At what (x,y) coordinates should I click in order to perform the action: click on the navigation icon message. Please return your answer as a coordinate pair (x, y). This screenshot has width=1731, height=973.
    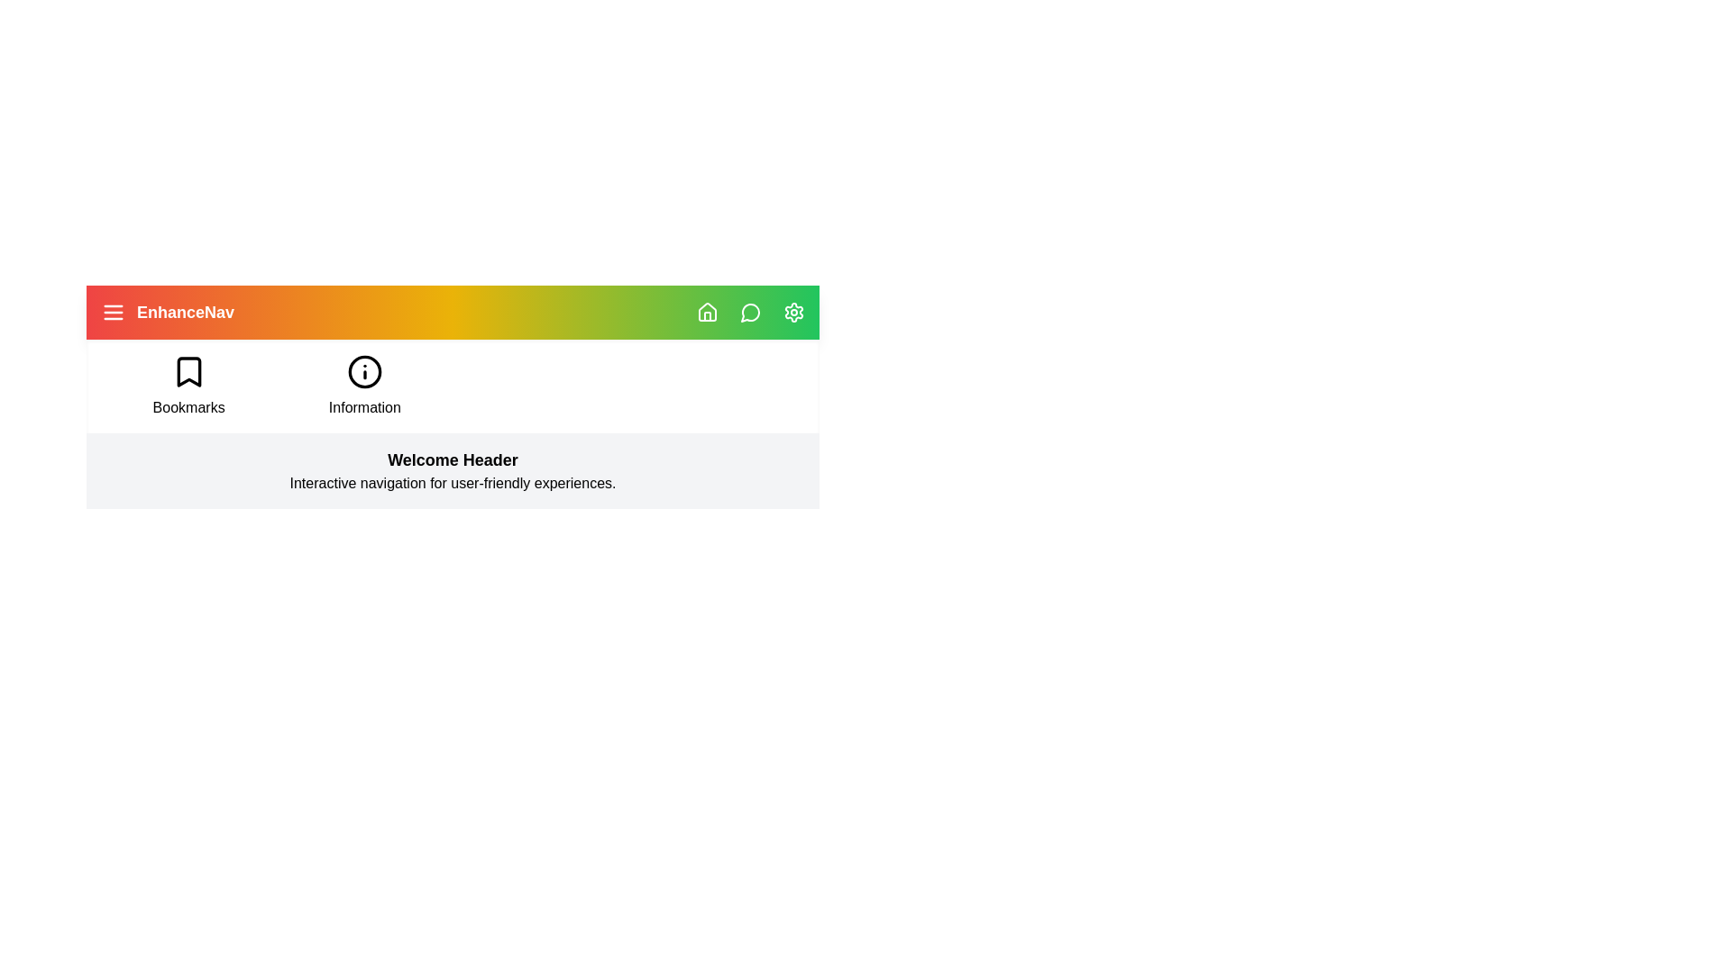
    Looking at the image, I should click on (751, 312).